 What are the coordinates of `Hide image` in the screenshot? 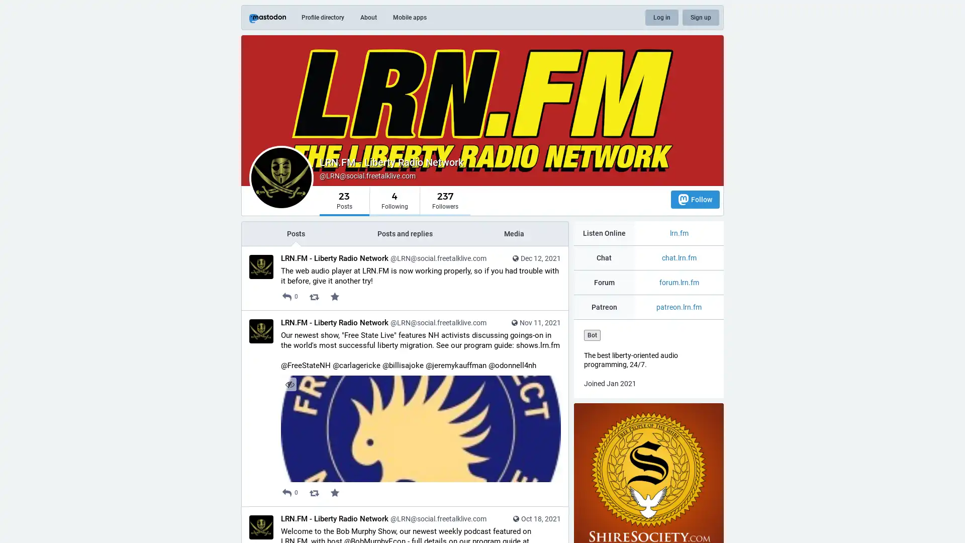 It's located at (289, 384).